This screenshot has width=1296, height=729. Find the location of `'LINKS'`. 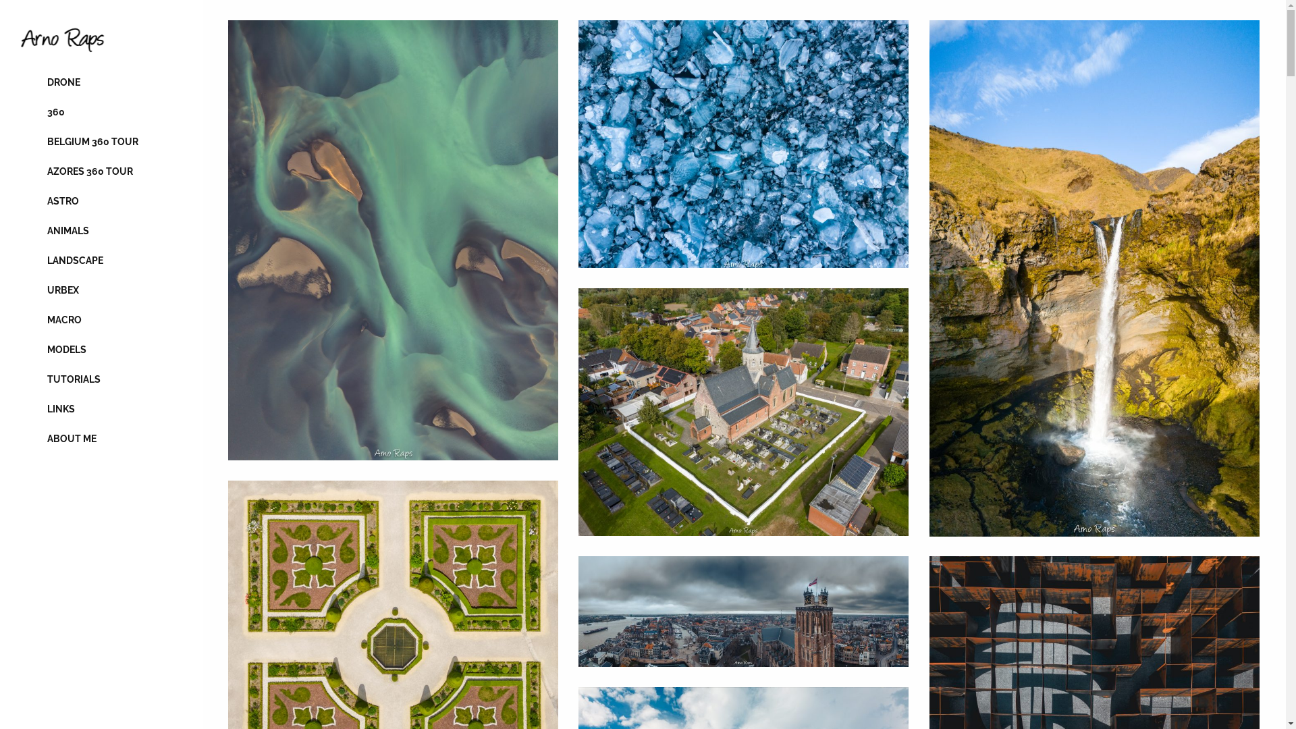

'LINKS' is located at coordinates (100, 408).